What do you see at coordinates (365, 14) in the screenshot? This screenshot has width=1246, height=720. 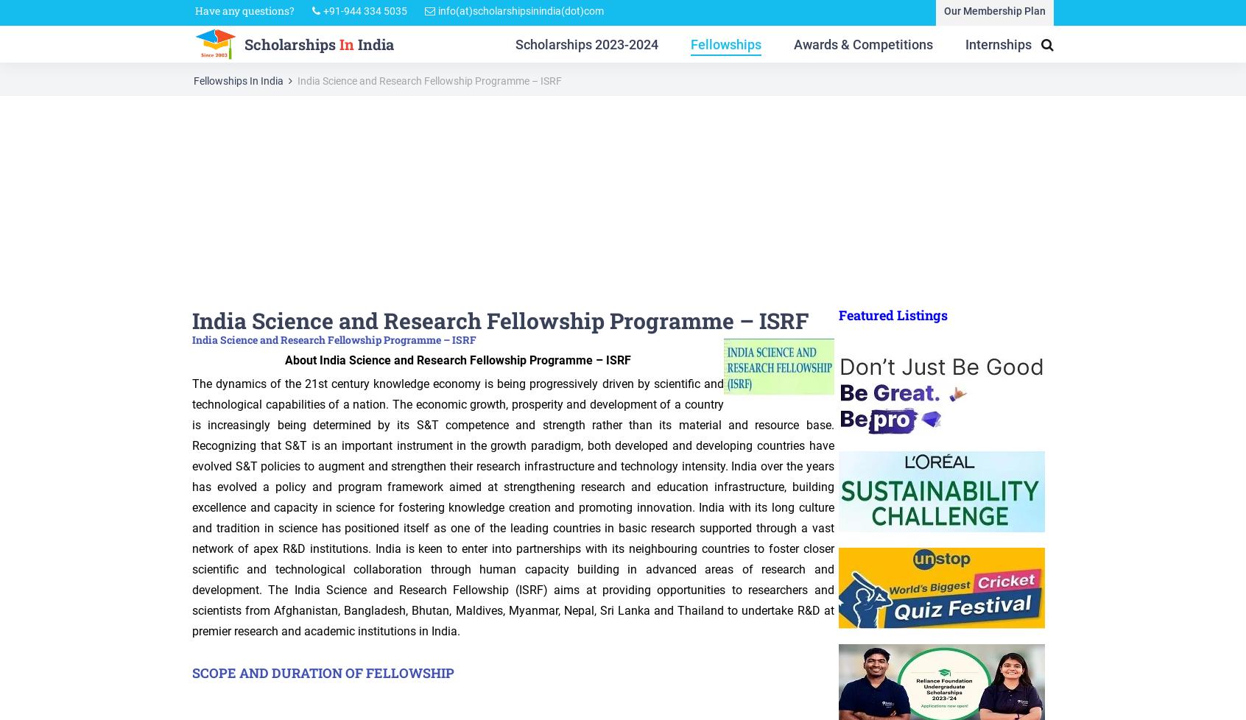 I see `'+91-944 334 5035'` at bounding box center [365, 14].